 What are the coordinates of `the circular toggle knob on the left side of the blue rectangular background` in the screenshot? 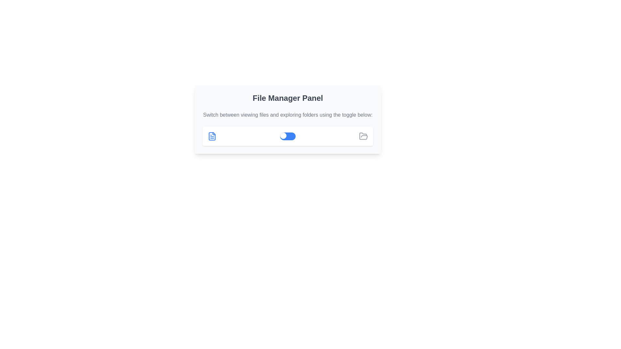 It's located at (283, 135).